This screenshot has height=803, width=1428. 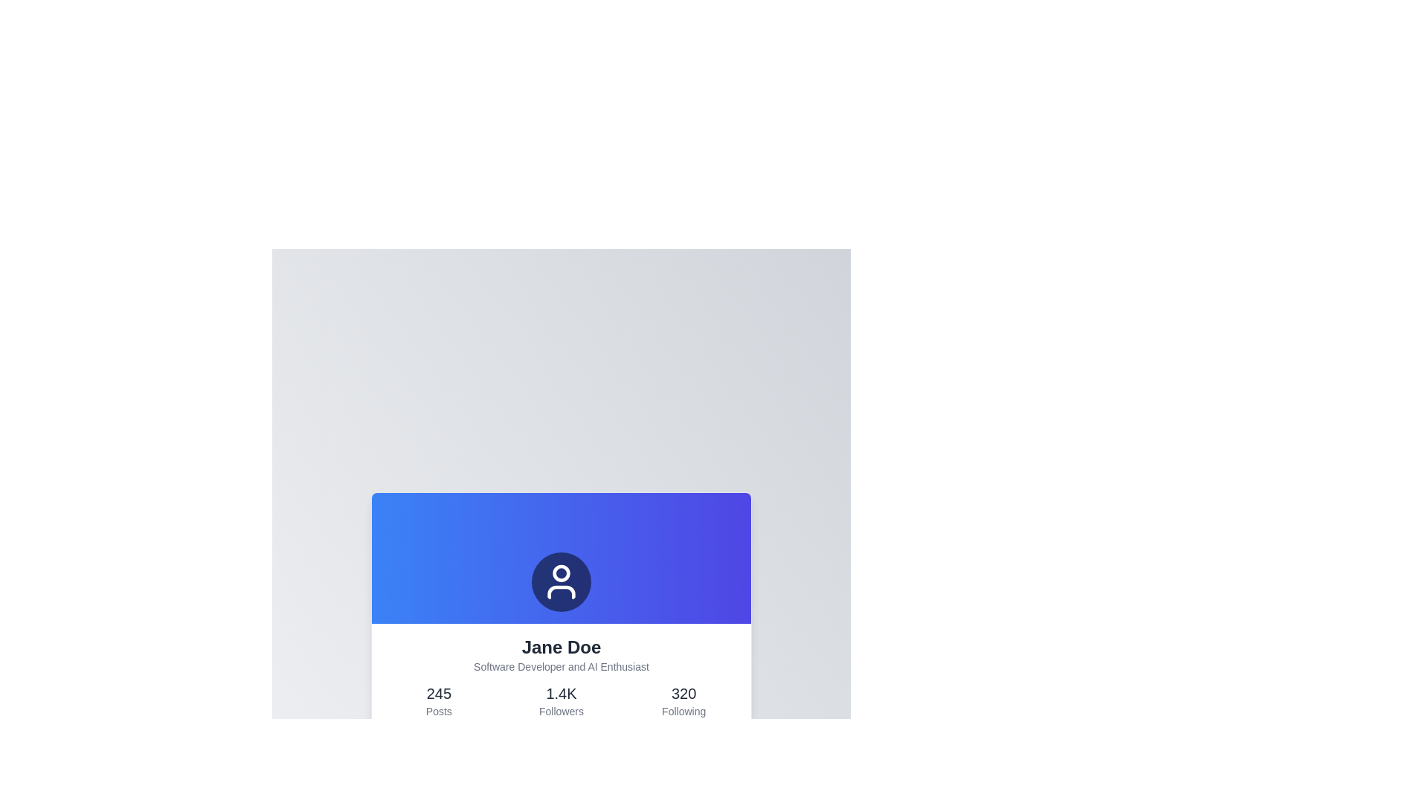 I want to click on the text element displaying the user's social statistics, which includes the number of posts, followers, and following, located in a grid layout below the user's name and description, so click(x=560, y=700).